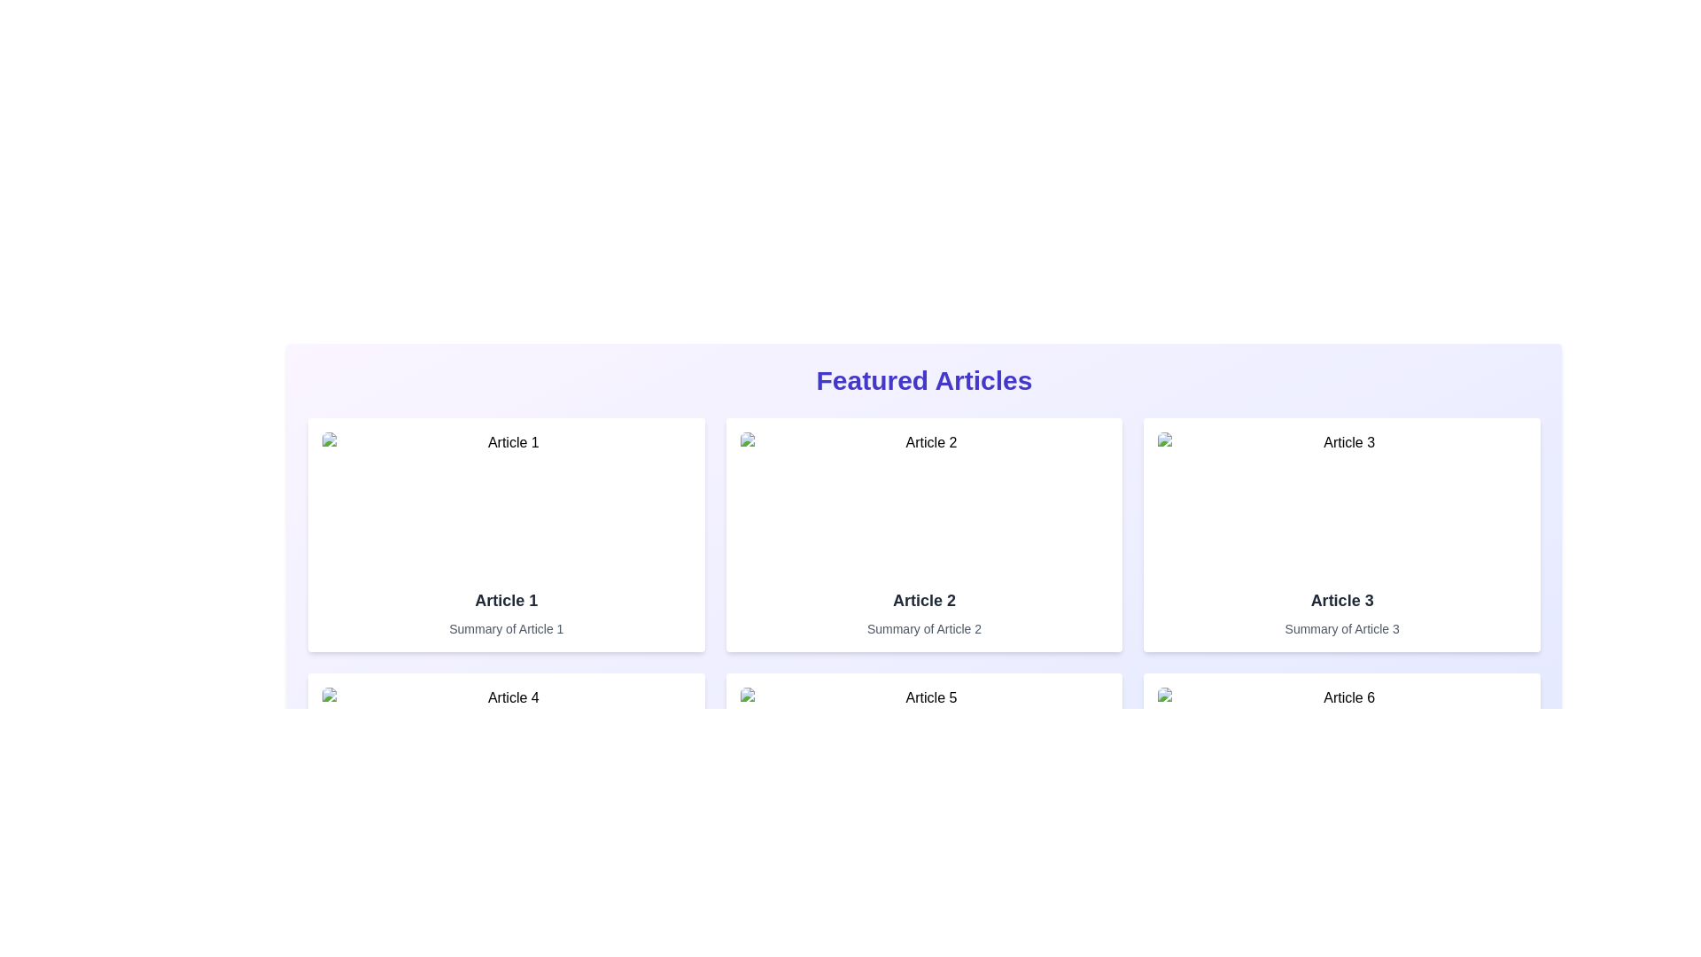 This screenshot has width=1701, height=957. What do you see at coordinates (923, 758) in the screenshot?
I see `the image displaying the preview for 'Article 5' located` at bounding box center [923, 758].